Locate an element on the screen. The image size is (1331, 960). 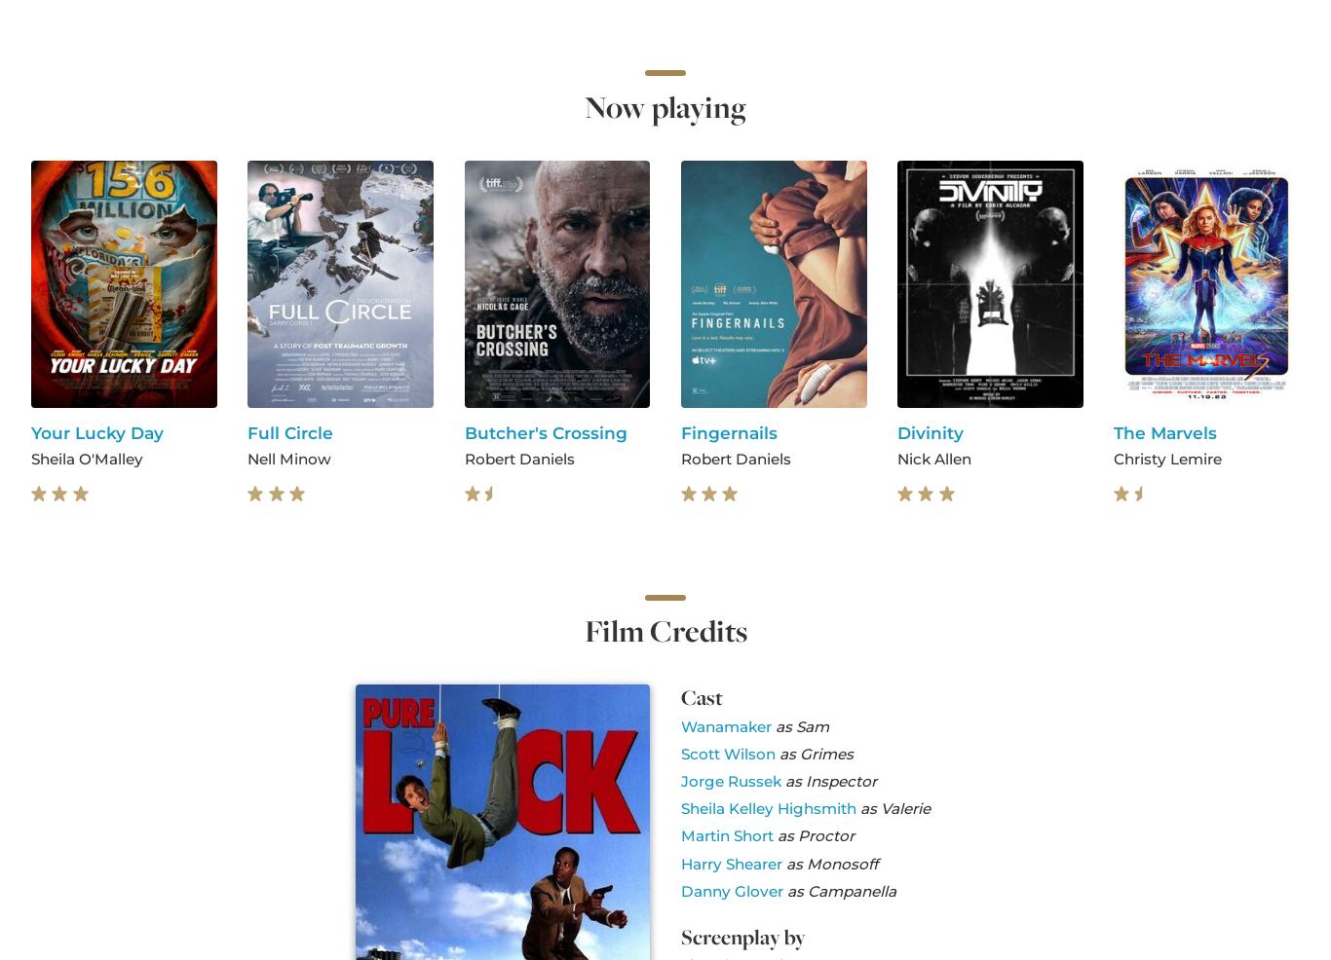
'as Inspector' is located at coordinates (782, 781).